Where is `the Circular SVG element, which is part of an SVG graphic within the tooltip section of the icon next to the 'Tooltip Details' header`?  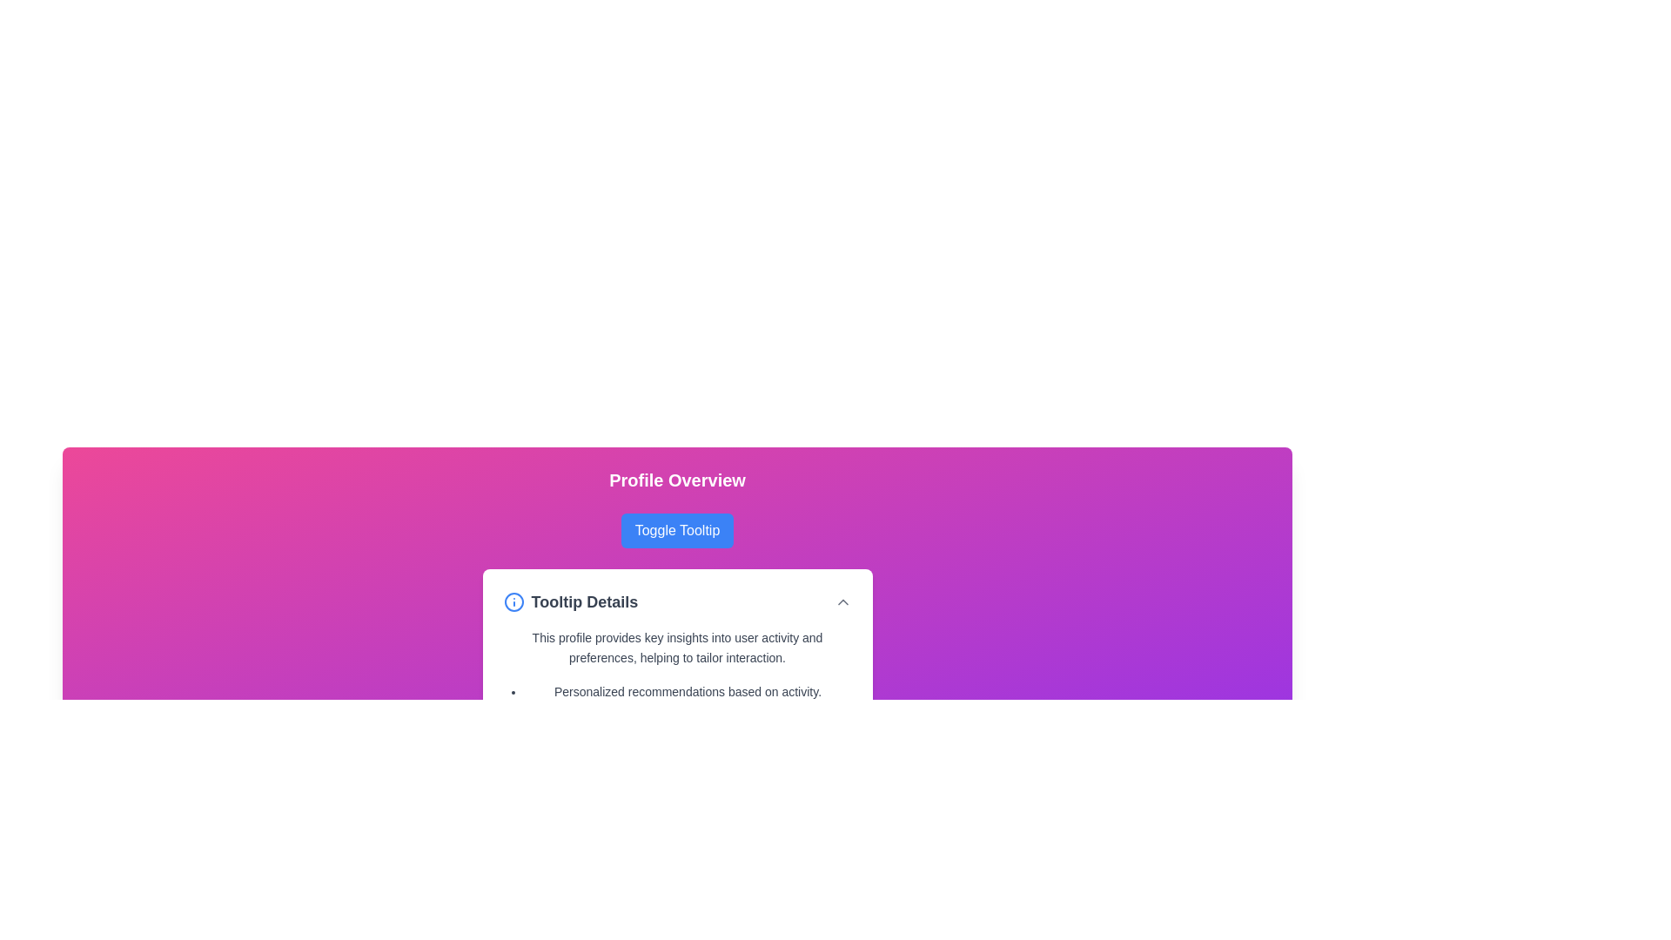 the Circular SVG element, which is part of an SVG graphic within the tooltip section of the icon next to the 'Tooltip Details' header is located at coordinates (513, 601).